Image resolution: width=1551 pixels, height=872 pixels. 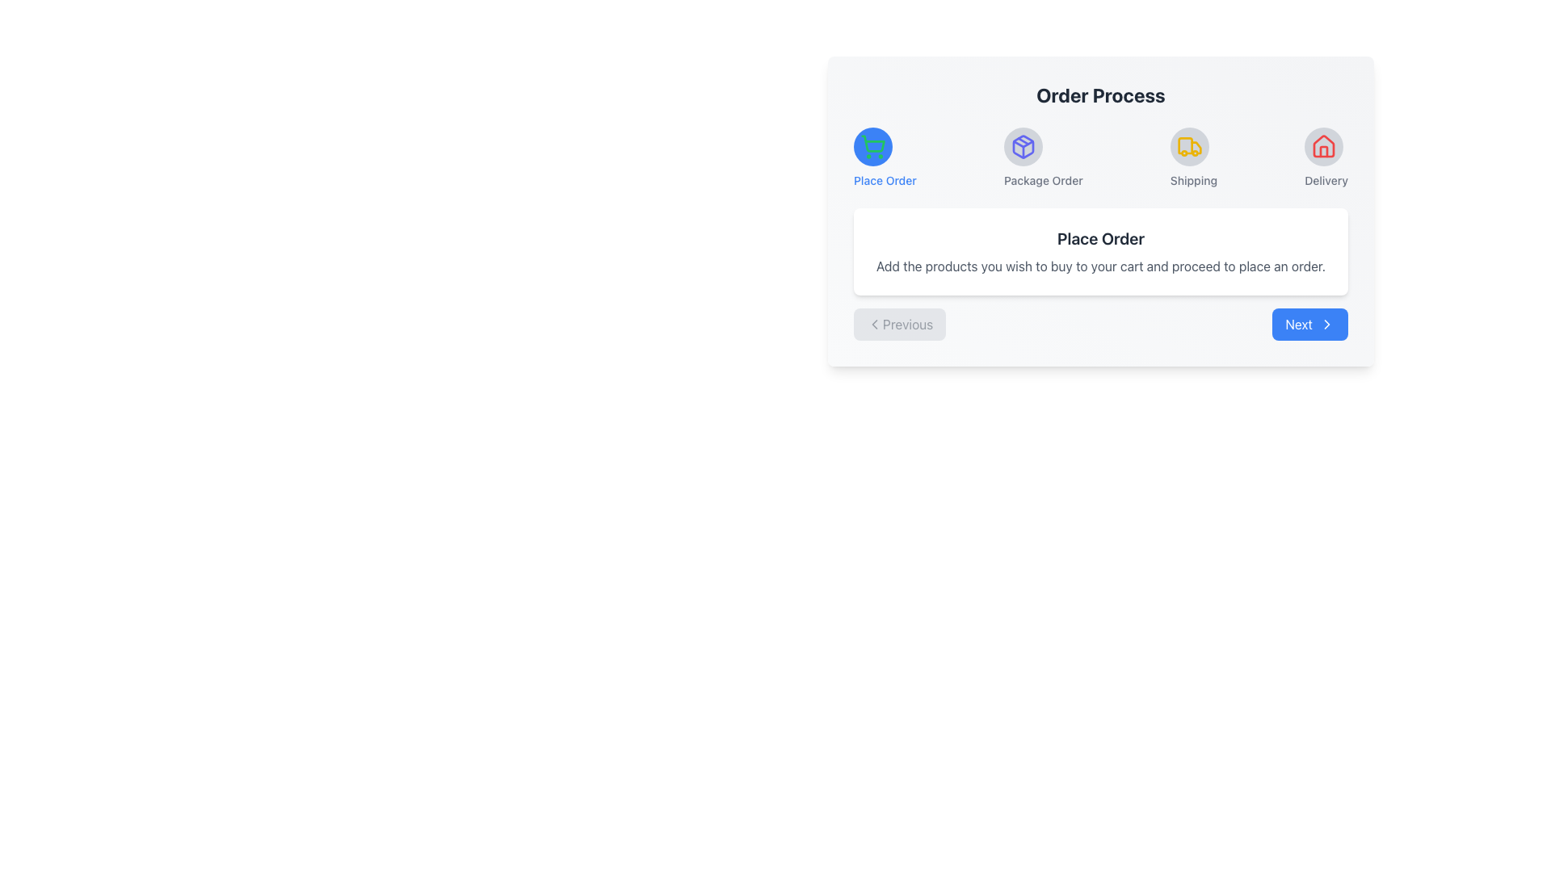 What do you see at coordinates (1100, 95) in the screenshot?
I see `the text label that serves as a header or title for the section, positioned at the top and centrally aligned above the icons labeled 'Place Order', 'Package Order', 'Shipping', and 'Delivery'` at bounding box center [1100, 95].